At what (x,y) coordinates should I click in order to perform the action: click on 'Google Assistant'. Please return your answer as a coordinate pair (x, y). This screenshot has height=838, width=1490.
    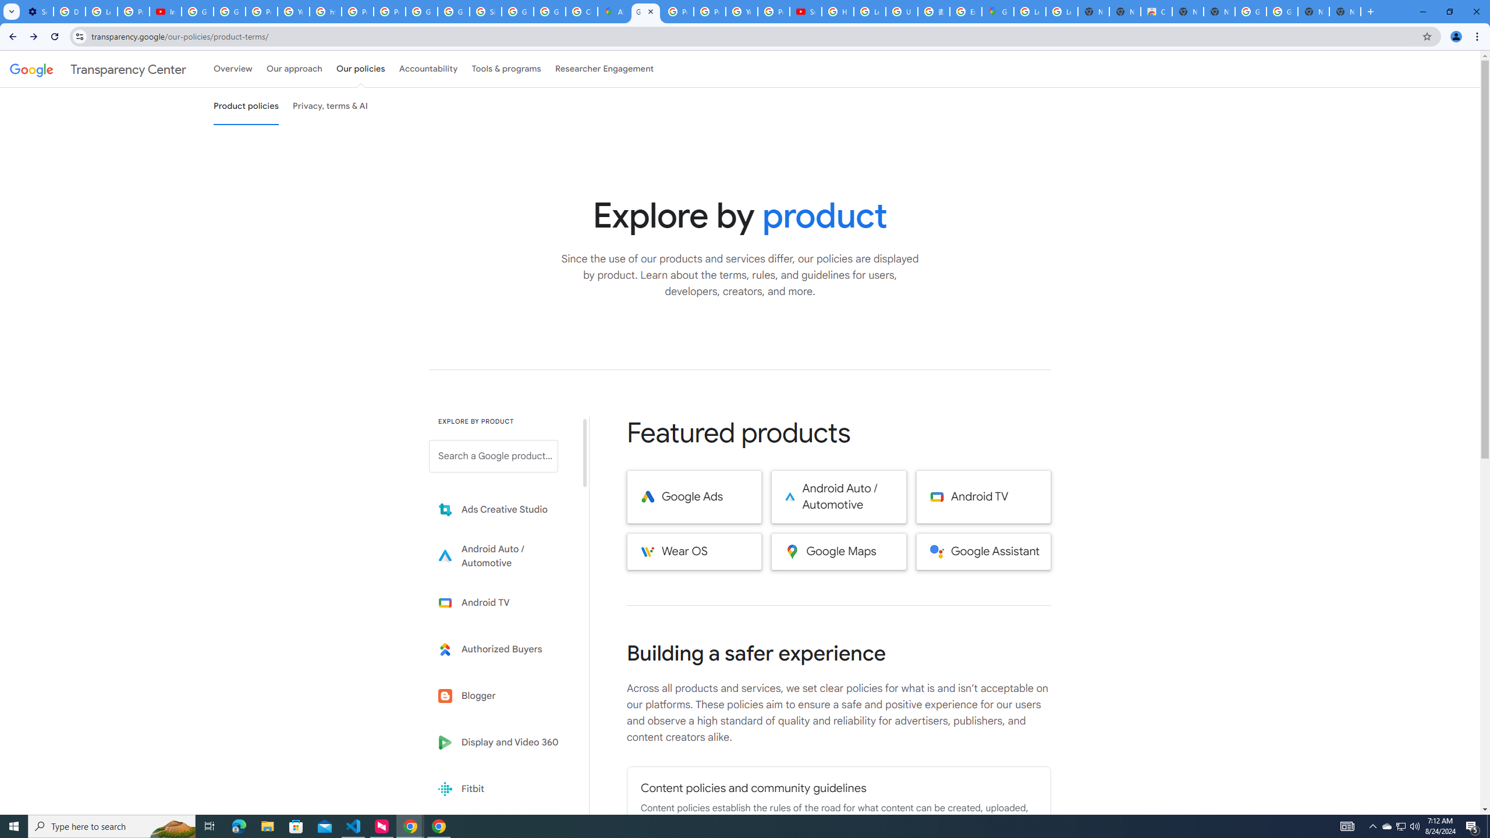
    Looking at the image, I should click on (982, 551).